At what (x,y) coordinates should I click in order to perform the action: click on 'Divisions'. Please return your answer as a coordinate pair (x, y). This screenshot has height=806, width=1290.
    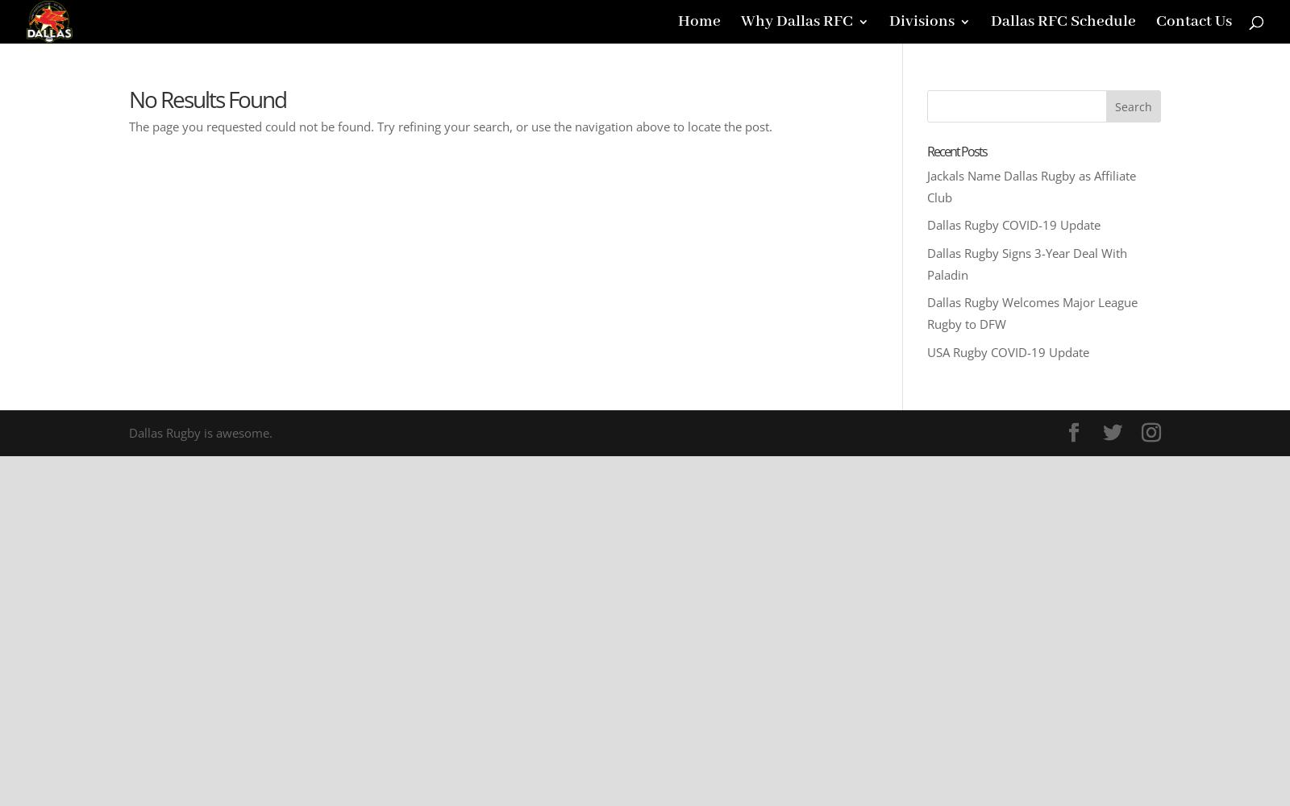
    Looking at the image, I should click on (922, 21).